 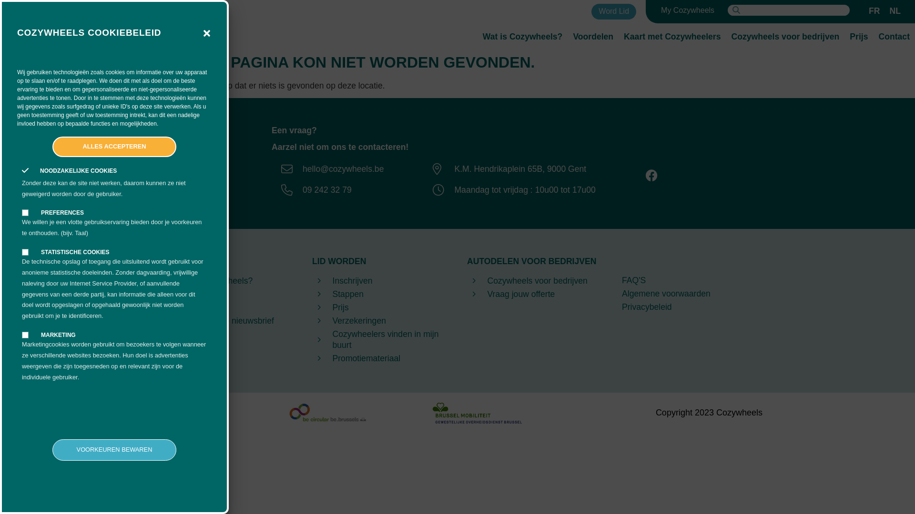 I want to click on 'Word Lid', so click(x=613, y=11).